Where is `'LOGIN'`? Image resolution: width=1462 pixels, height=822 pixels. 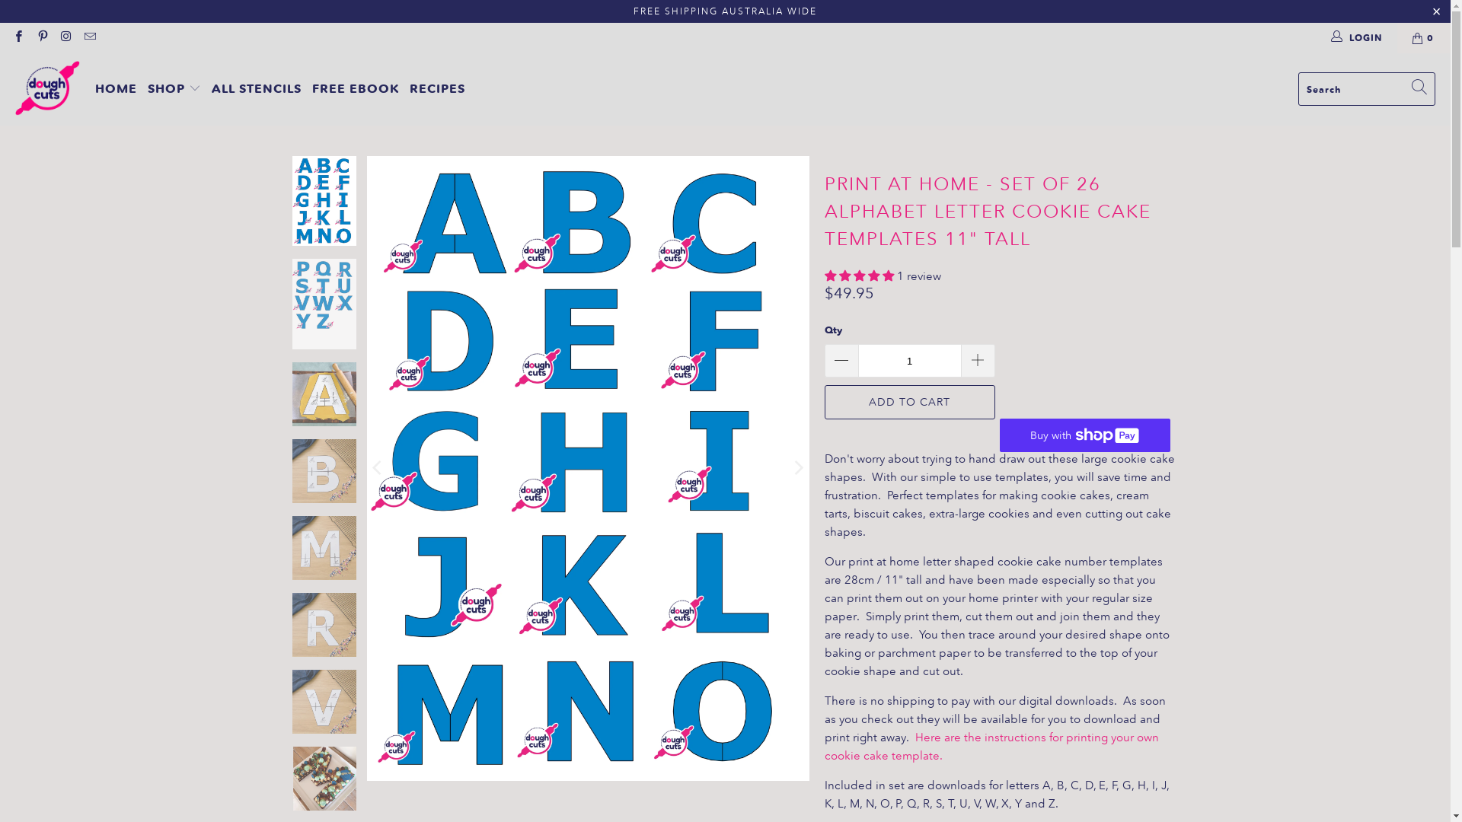
'LOGIN' is located at coordinates (1357, 37).